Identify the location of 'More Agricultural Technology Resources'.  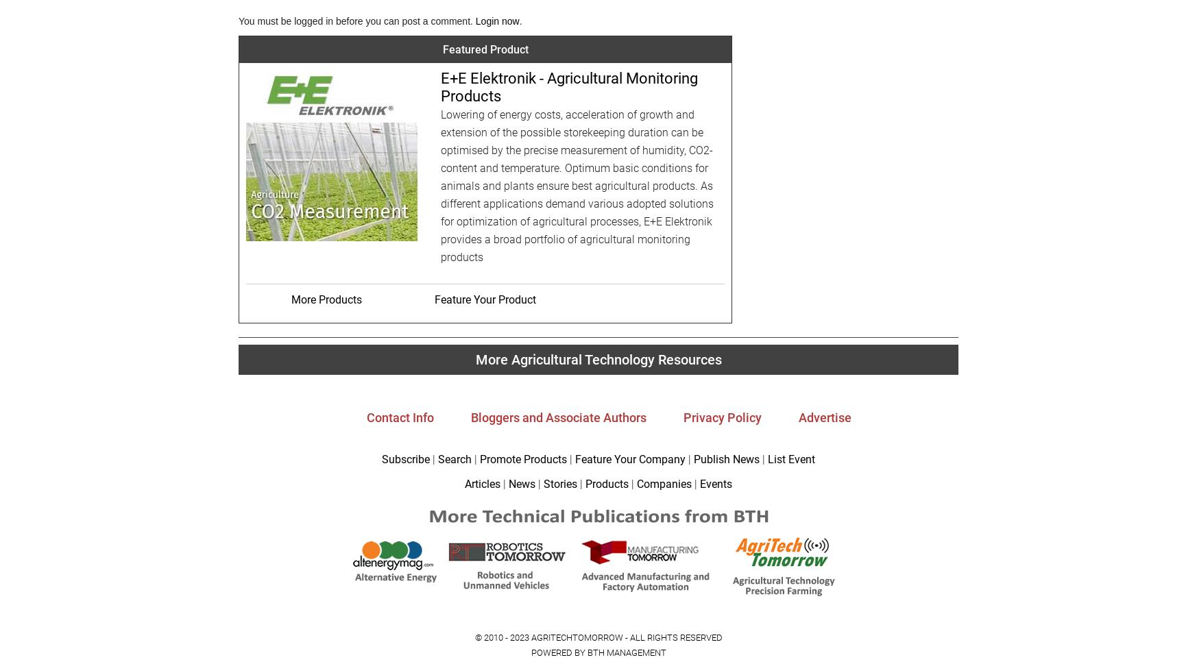
(474, 358).